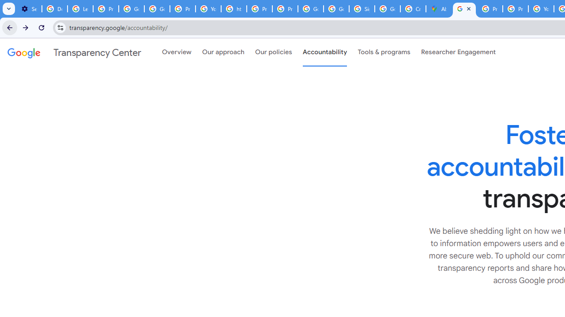 Image resolution: width=565 pixels, height=317 pixels. Describe the element at coordinates (223, 52) in the screenshot. I see `'Our approach'` at that location.